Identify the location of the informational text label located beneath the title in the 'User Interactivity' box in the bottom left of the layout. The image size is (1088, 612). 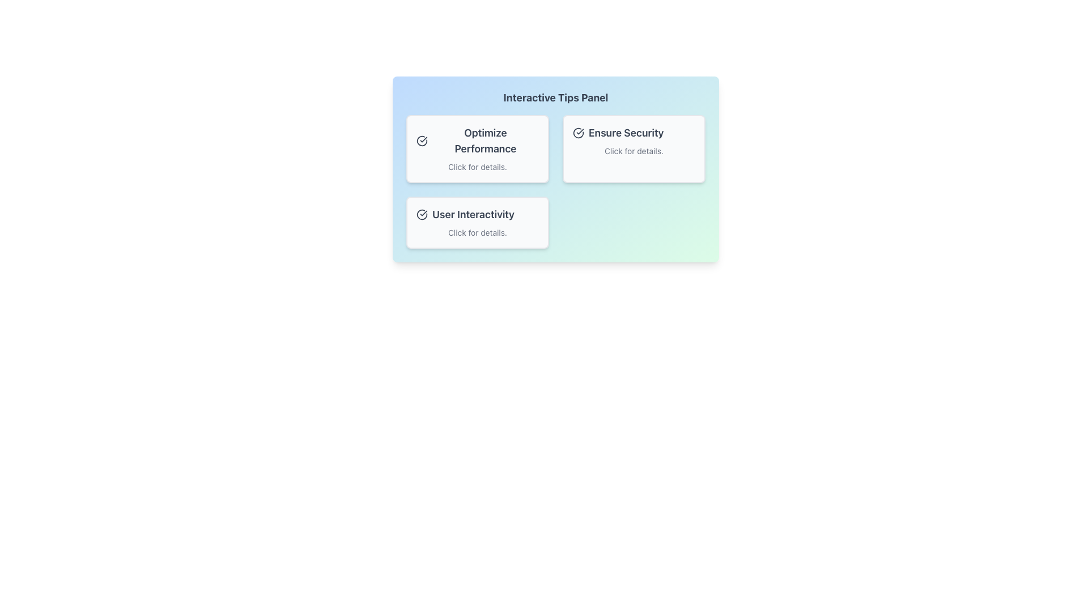
(478, 232).